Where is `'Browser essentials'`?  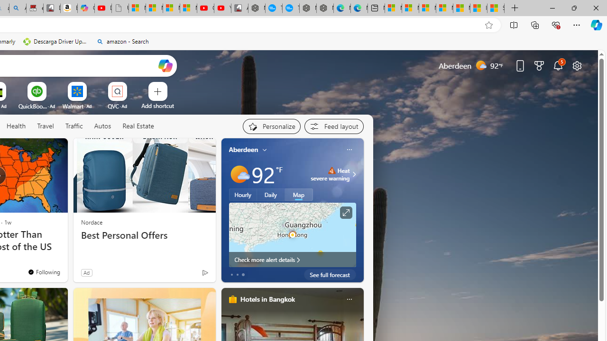 'Browser essentials' is located at coordinates (555, 24).